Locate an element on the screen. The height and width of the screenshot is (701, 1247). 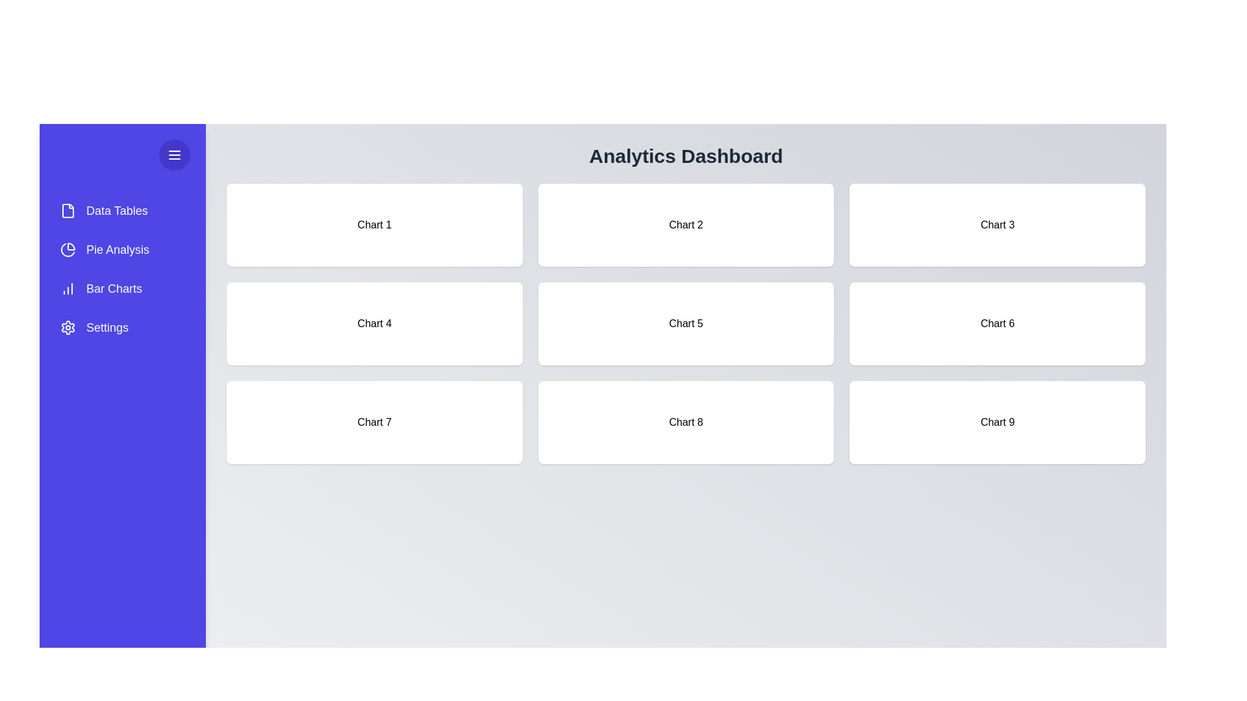
the menu item Data Tables from the drawer is located at coordinates (122, 210).